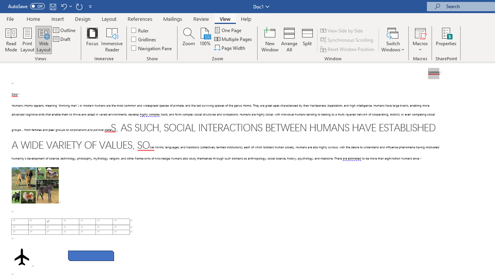  I want to click on 'Split', so click(307, 40).